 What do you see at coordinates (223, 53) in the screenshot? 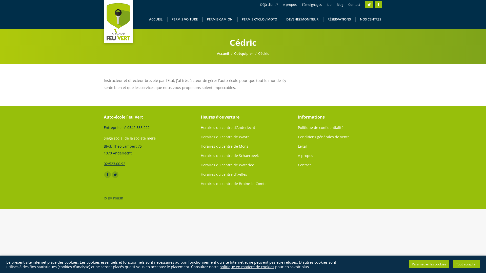
I see `'Accueil'` at bounding box center [223, 53].